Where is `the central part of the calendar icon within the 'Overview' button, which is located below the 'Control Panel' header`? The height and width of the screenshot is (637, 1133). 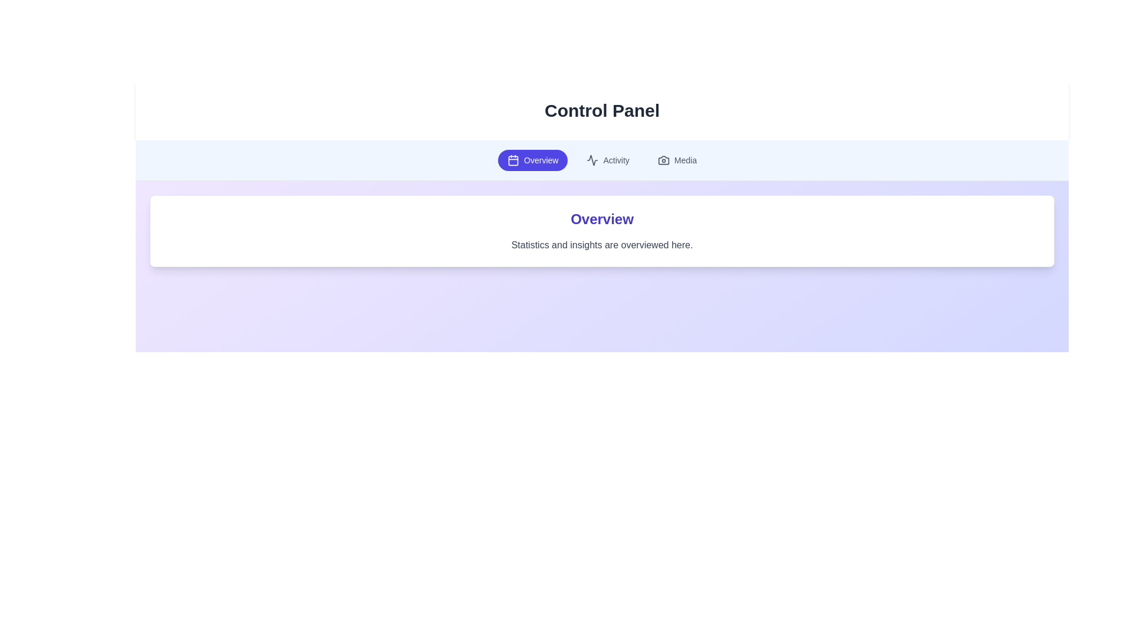
the central part of the calendar icon within the 'Overview' button, which is located below the 'Control Panel' header is located at coordinates (513, 160).